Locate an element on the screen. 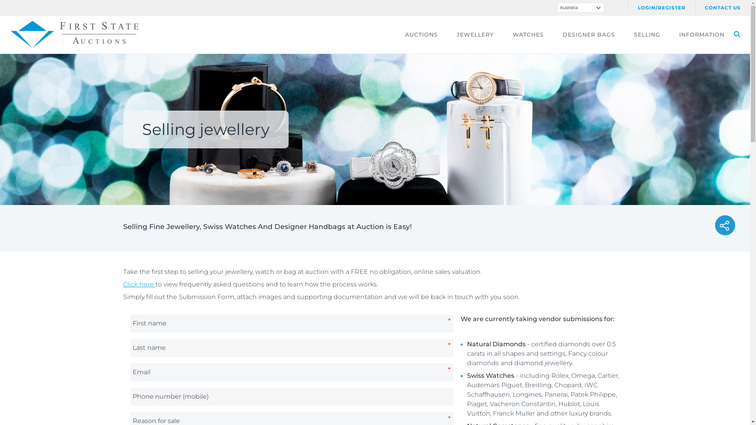 This screenshot has width=756, height=425. 'CONTACT US' is located at coordinates (723, 7).